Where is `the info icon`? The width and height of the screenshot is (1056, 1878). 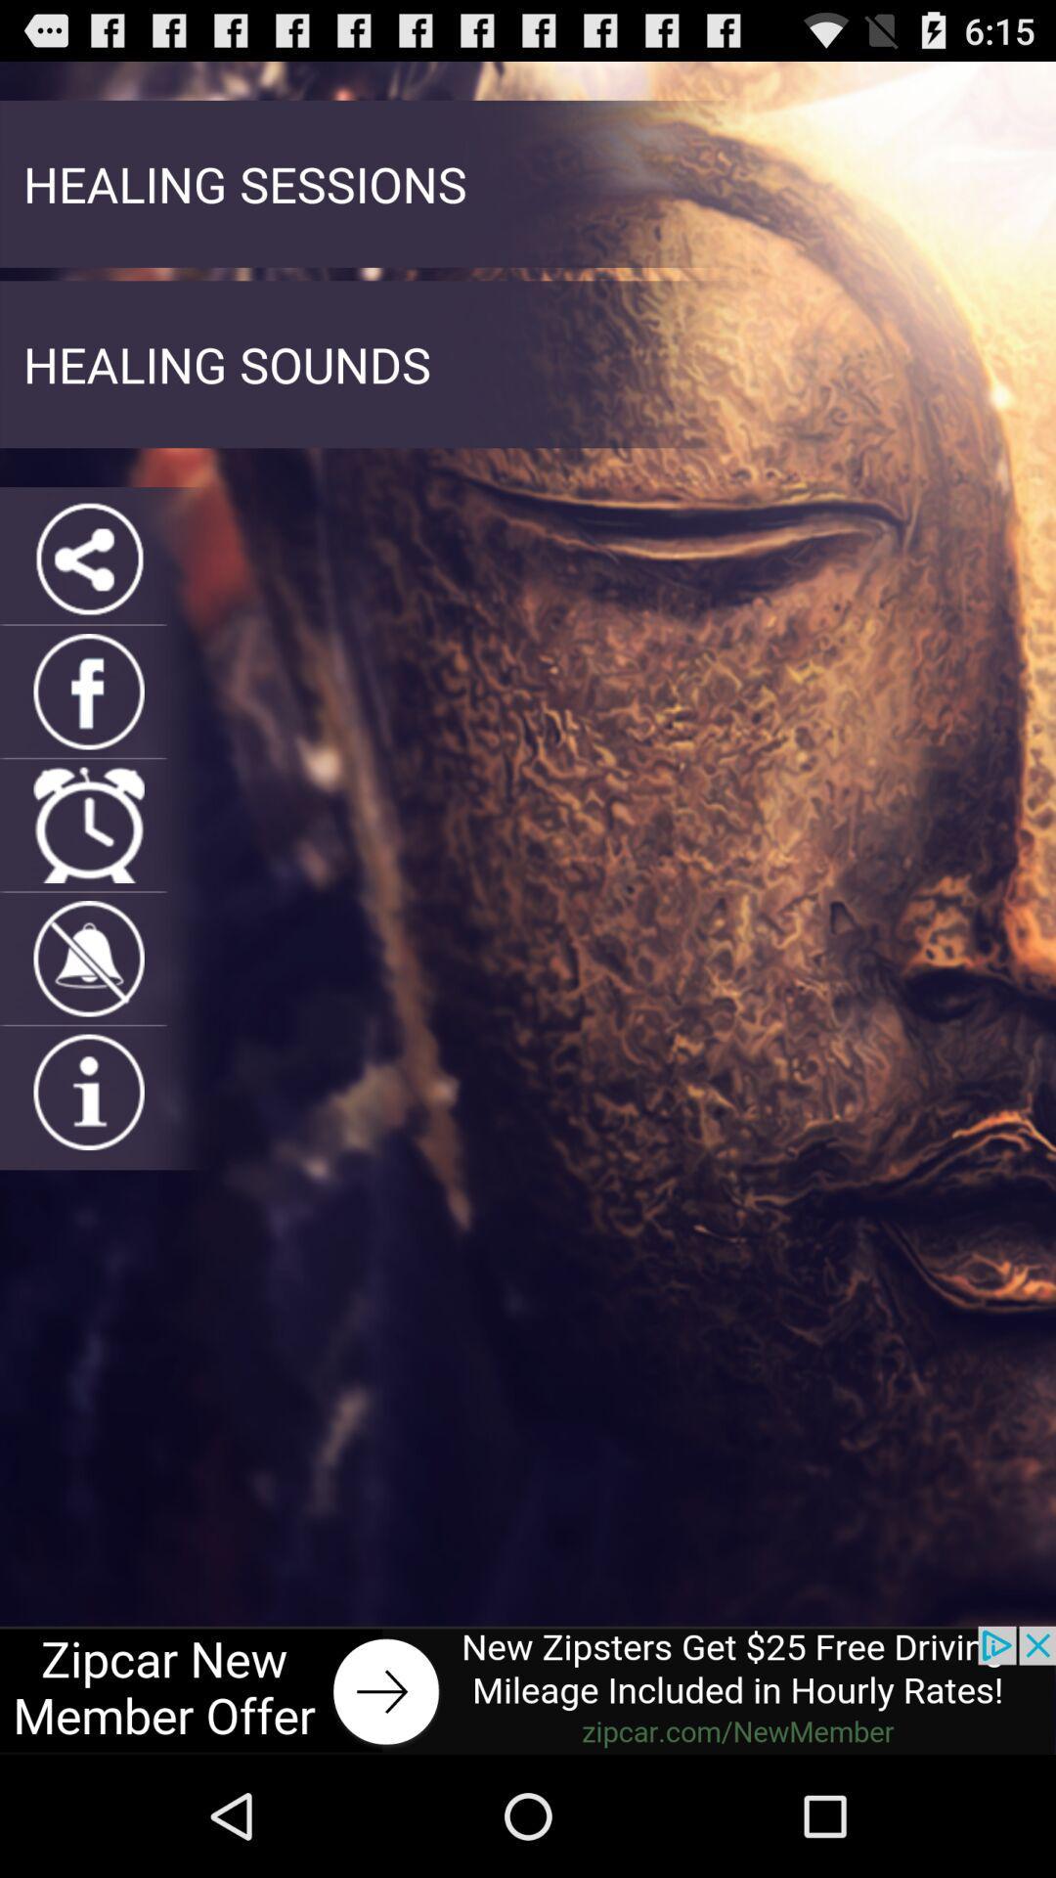
the info icon is located at coordinates (89, 1169).